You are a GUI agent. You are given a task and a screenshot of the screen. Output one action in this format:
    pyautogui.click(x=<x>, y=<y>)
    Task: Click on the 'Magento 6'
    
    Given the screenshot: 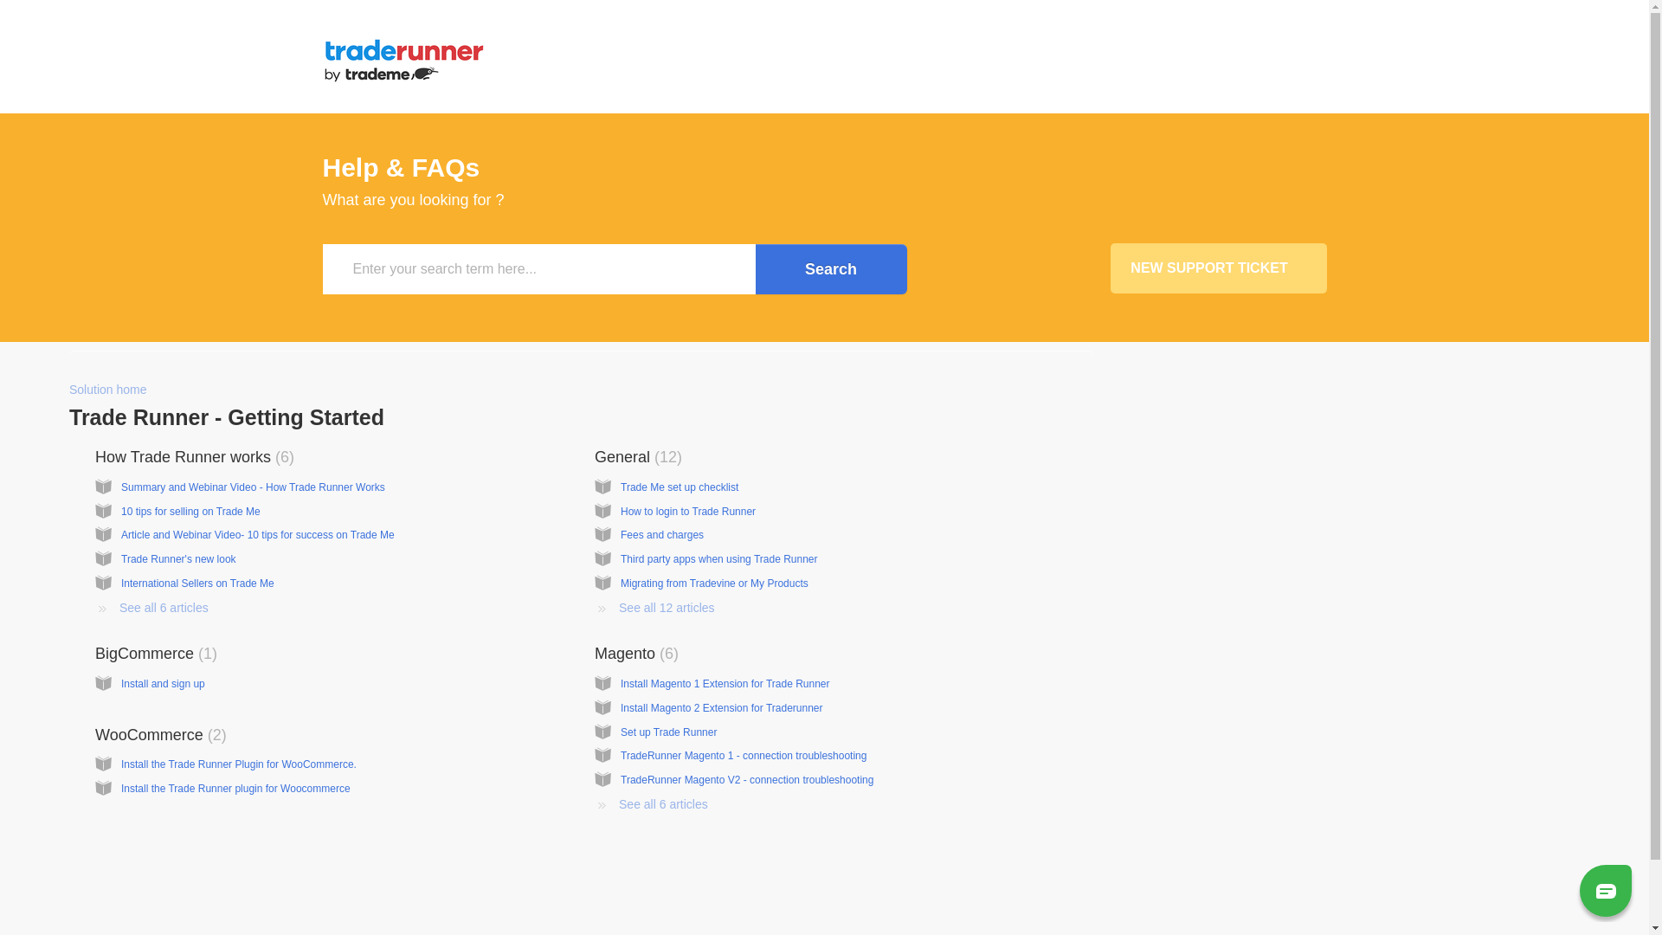 What is the action you would take?
    pyautogui.click(x=635, y=654)
    